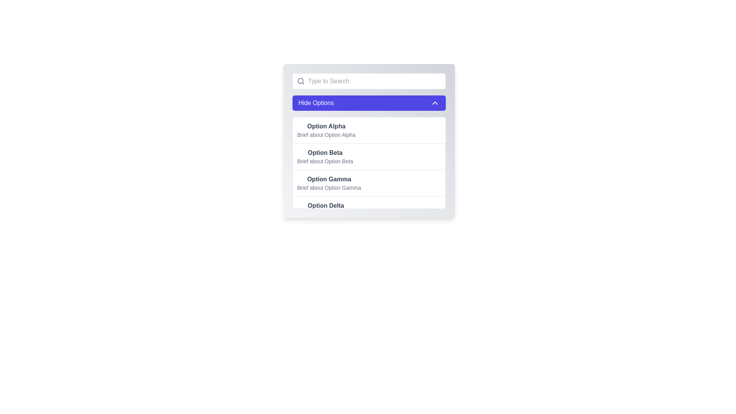  I want to click on the Text label providing information about the 'Option Beta' option, located directly below the 'Option Beta' header in the dropdown panel, so click(325, 161).